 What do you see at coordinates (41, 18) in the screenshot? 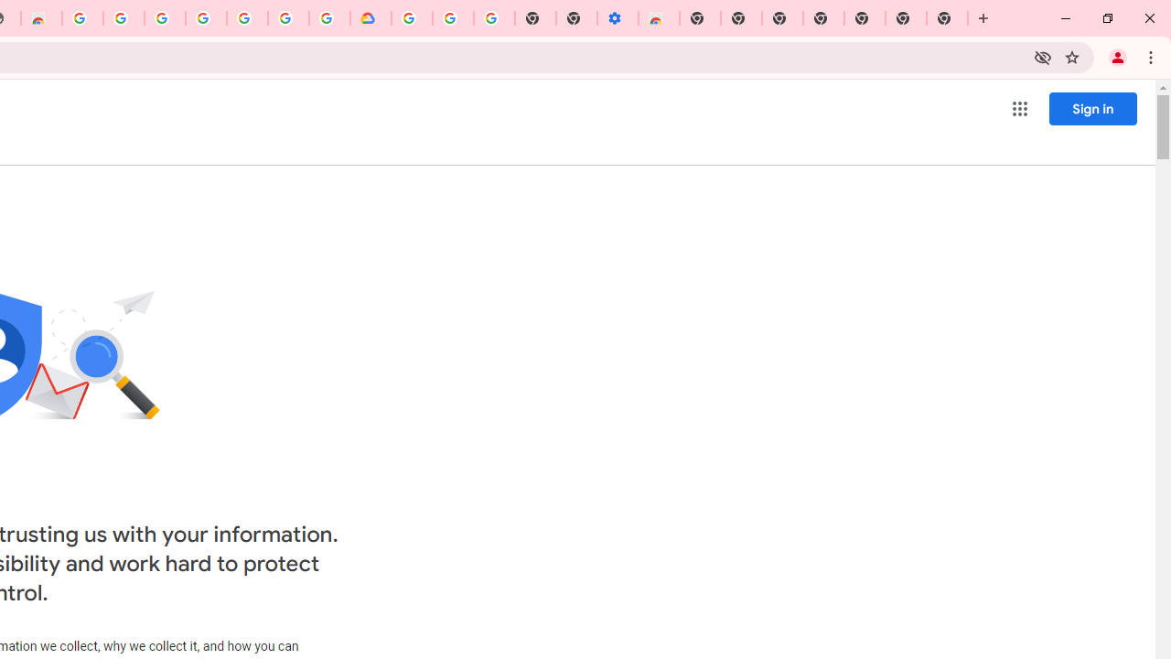
I see `'Chrome Web Store - Household'` at bounding box center [41, 18].